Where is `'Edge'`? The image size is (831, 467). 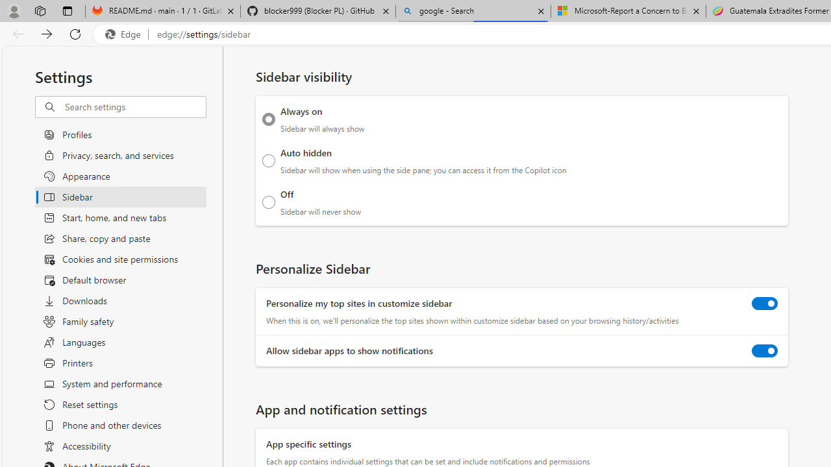 'Edge' is located at coordinates (126, 34).